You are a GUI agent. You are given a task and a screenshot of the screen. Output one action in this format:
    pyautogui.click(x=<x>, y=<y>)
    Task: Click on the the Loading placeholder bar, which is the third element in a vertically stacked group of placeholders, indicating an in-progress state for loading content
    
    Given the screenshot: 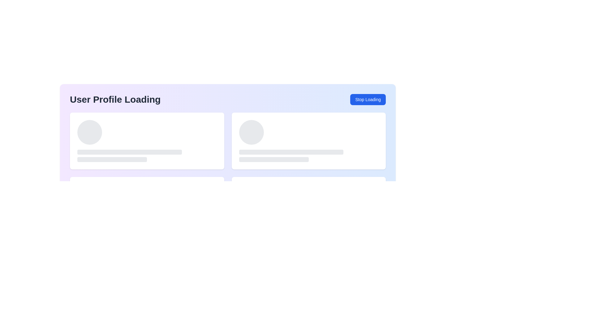 What is the action you would take?
    pyautogui.click(x=112, y=159)
    